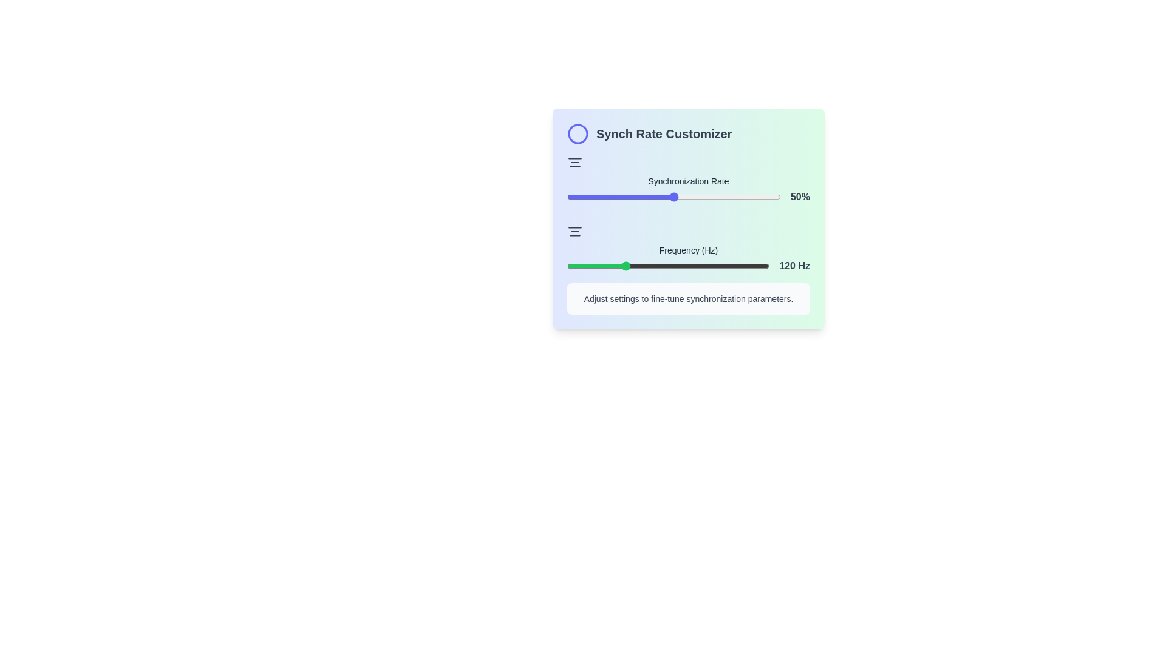 Image resolution: width=1166 pixels, height=655 pixels. Describe the element at coordinates (568, 266) in the screenshot. I see `the frequency slider to set the frequency to 53 Hz` at that location.